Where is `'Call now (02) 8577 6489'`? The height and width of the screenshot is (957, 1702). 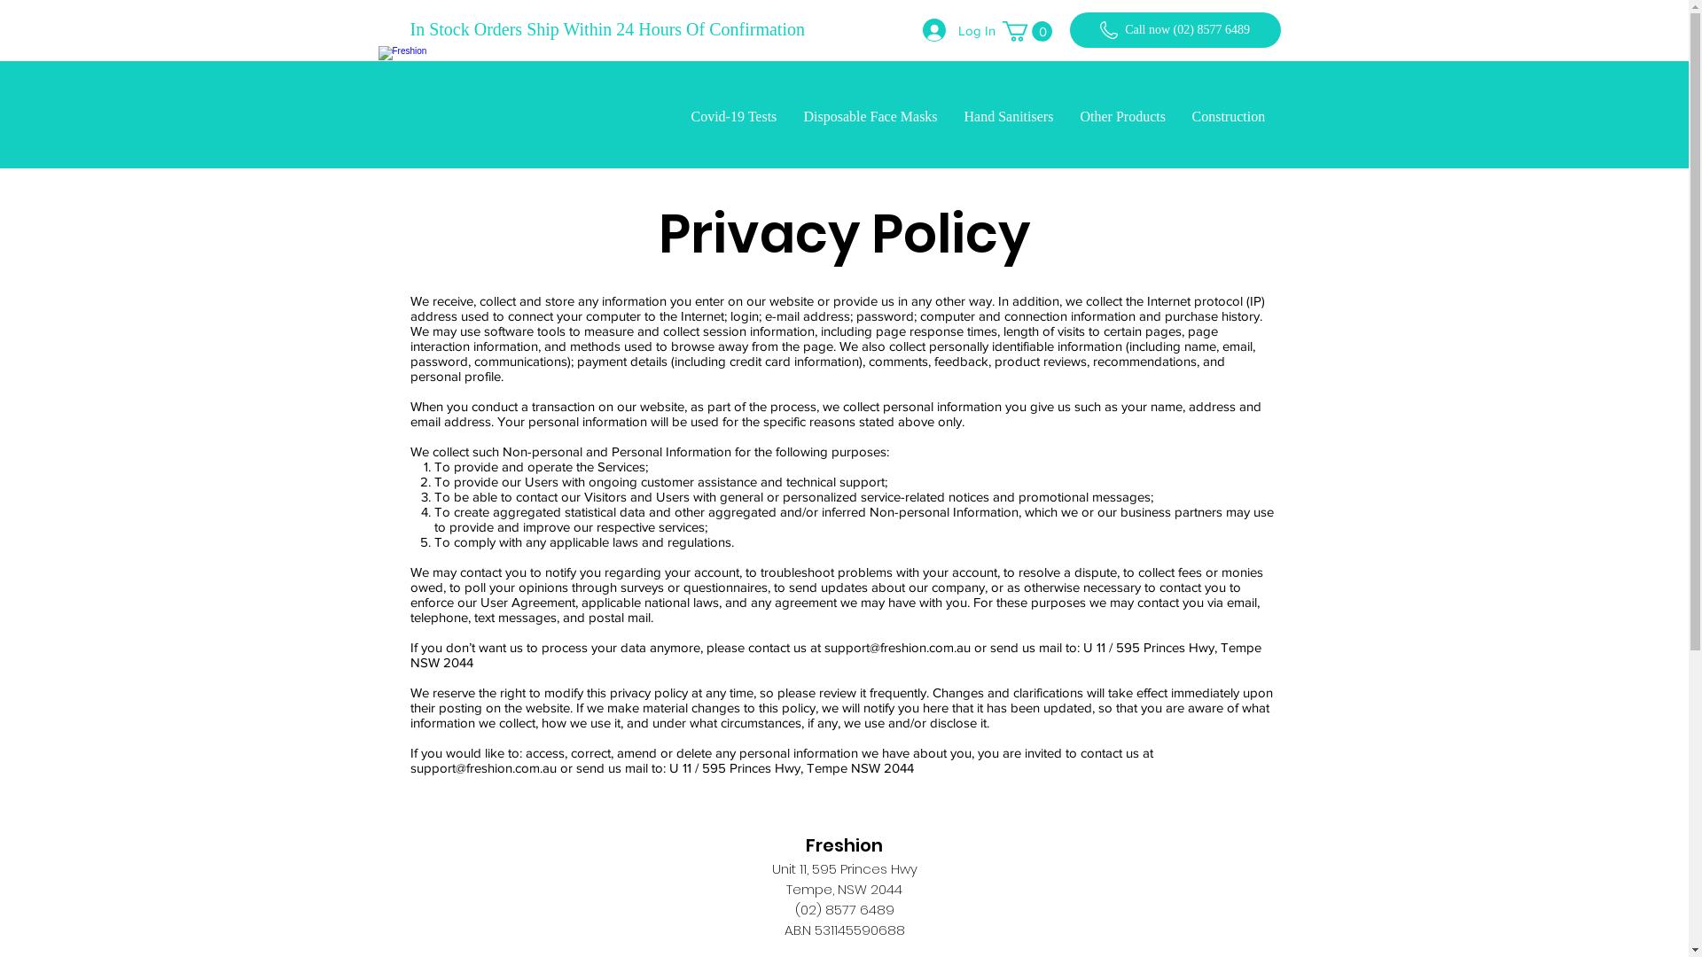 'Call now (02) 8577 6489' is located at coordinates (1067, 30).